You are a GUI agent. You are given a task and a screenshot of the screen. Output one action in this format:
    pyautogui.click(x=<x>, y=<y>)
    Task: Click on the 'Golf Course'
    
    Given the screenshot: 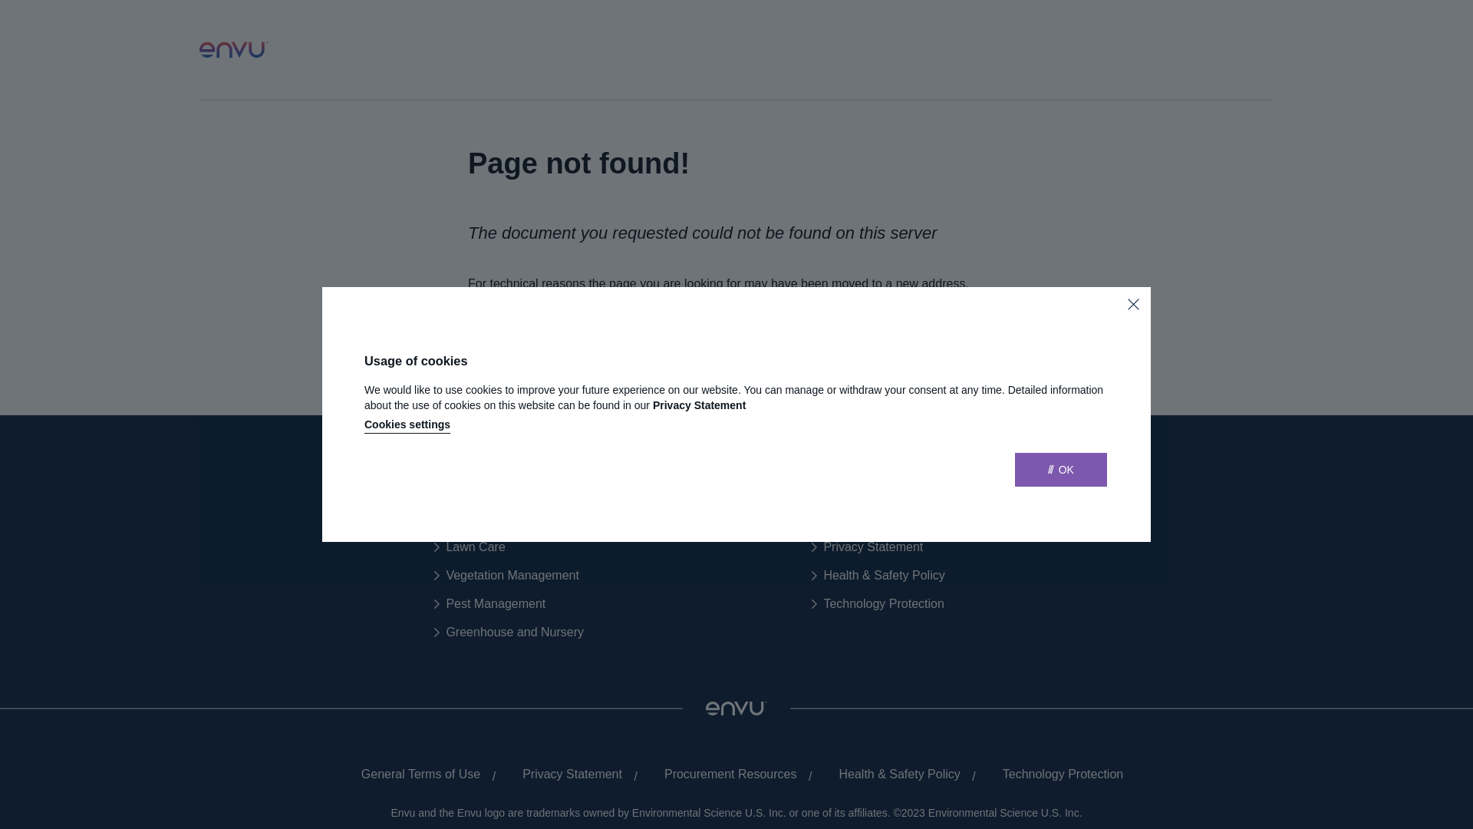 What is the action you would take?
    pyautogui.click(x=471, y=518)
    